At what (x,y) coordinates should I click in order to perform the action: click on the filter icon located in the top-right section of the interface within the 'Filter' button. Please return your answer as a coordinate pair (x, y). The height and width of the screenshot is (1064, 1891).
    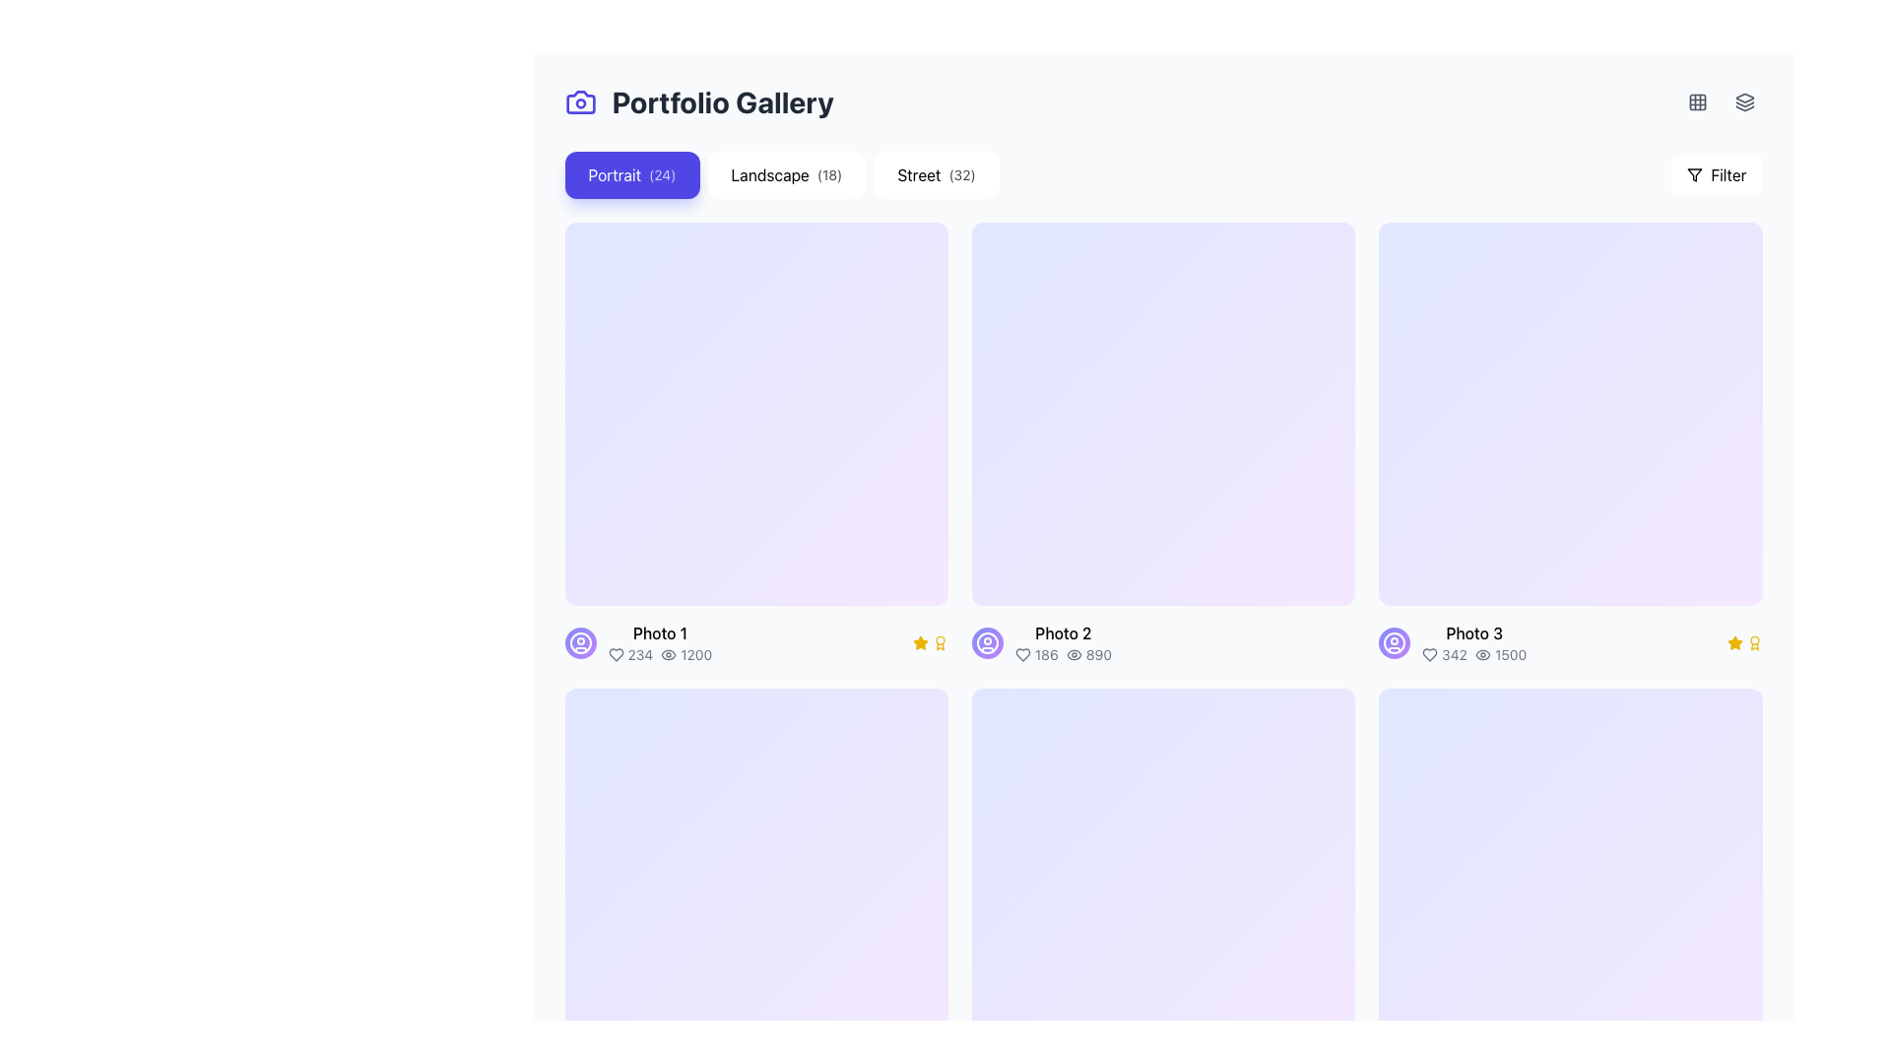
    Looking at the image, I should click on (1694, 173).